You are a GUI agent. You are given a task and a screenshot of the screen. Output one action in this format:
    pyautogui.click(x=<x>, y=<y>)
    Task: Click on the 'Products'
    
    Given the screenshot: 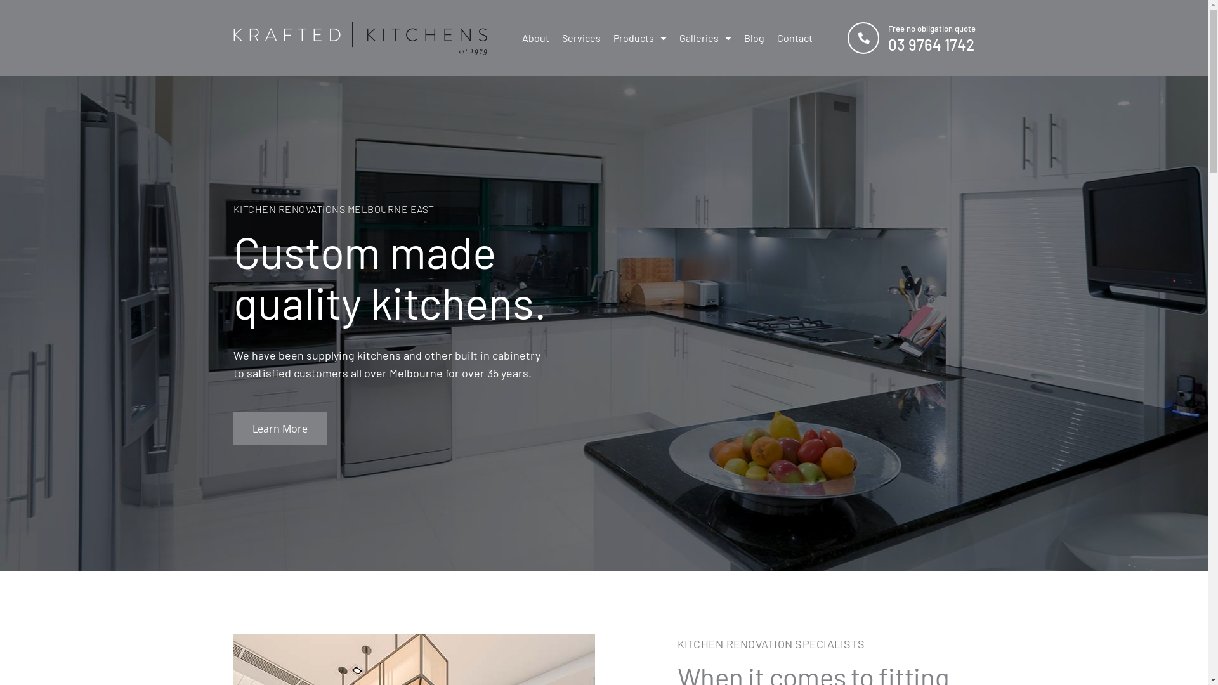 What is the action you would take?
    pyautogui.click(x=639, y=37)
    